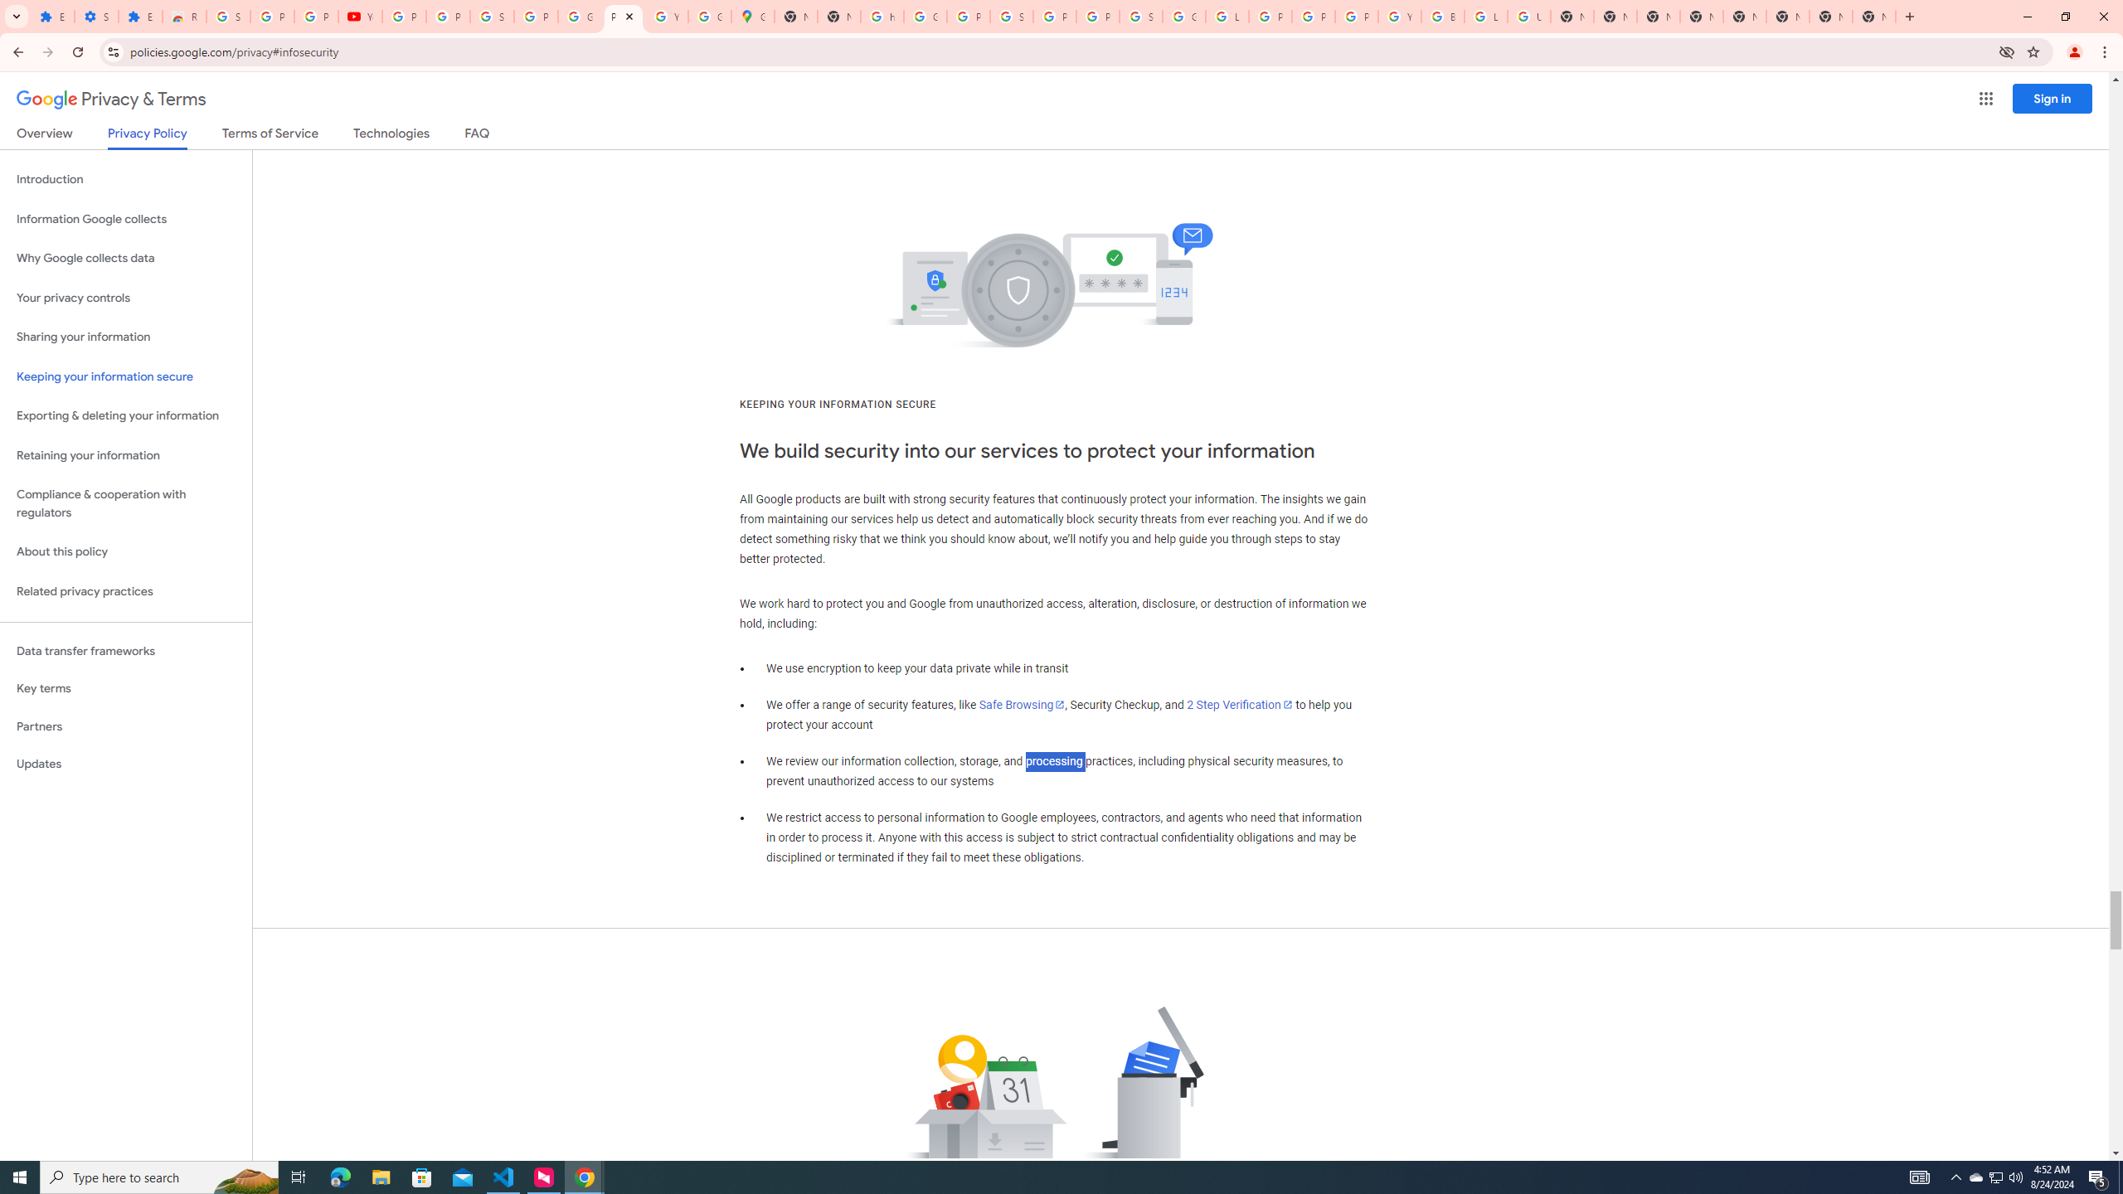 The width and height of the screenshot is (2123, 1194). What do you see at coordinates (1873, 16) in the screenshot?
I see `'New Tab'` at bounding box center [1873, 16].